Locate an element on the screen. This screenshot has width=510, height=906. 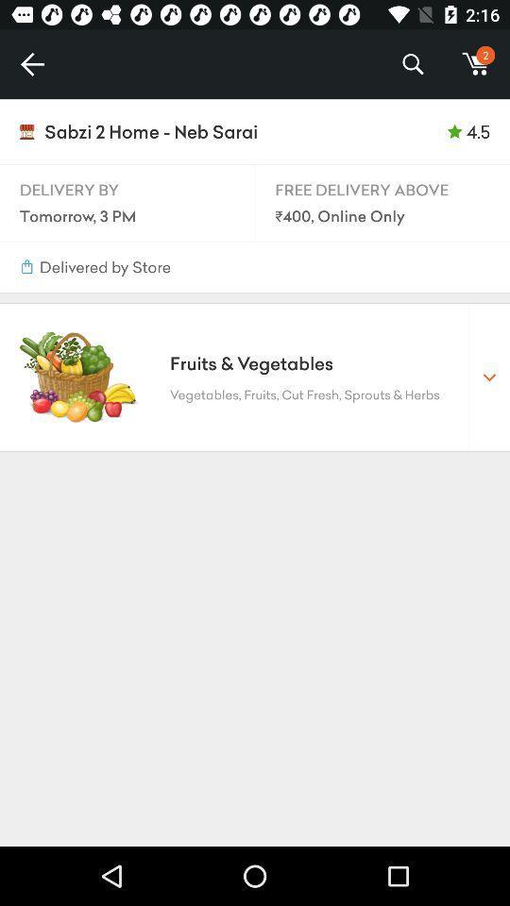
the icon next to % is located at coordinates (31, 64).